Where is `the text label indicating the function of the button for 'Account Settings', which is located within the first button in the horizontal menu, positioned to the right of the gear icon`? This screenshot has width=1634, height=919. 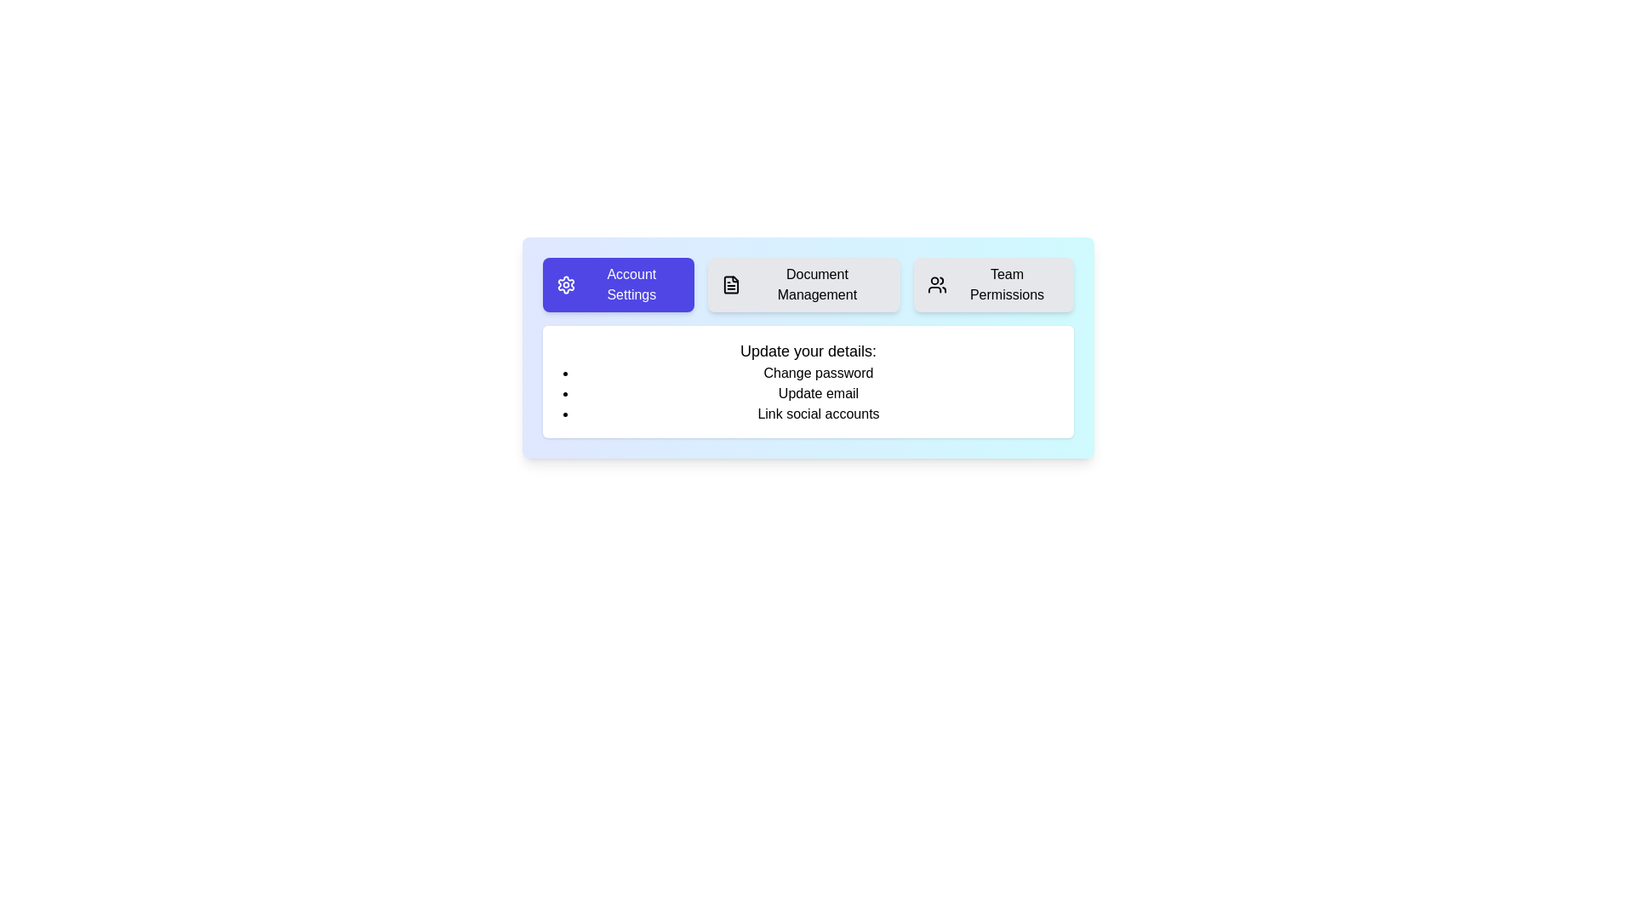 the text label indicating the function of the button for 'Account Settings', which is located within the first button in the horizontal menu, positioned to the right of the gear icon is located at coordinates (631, 284).